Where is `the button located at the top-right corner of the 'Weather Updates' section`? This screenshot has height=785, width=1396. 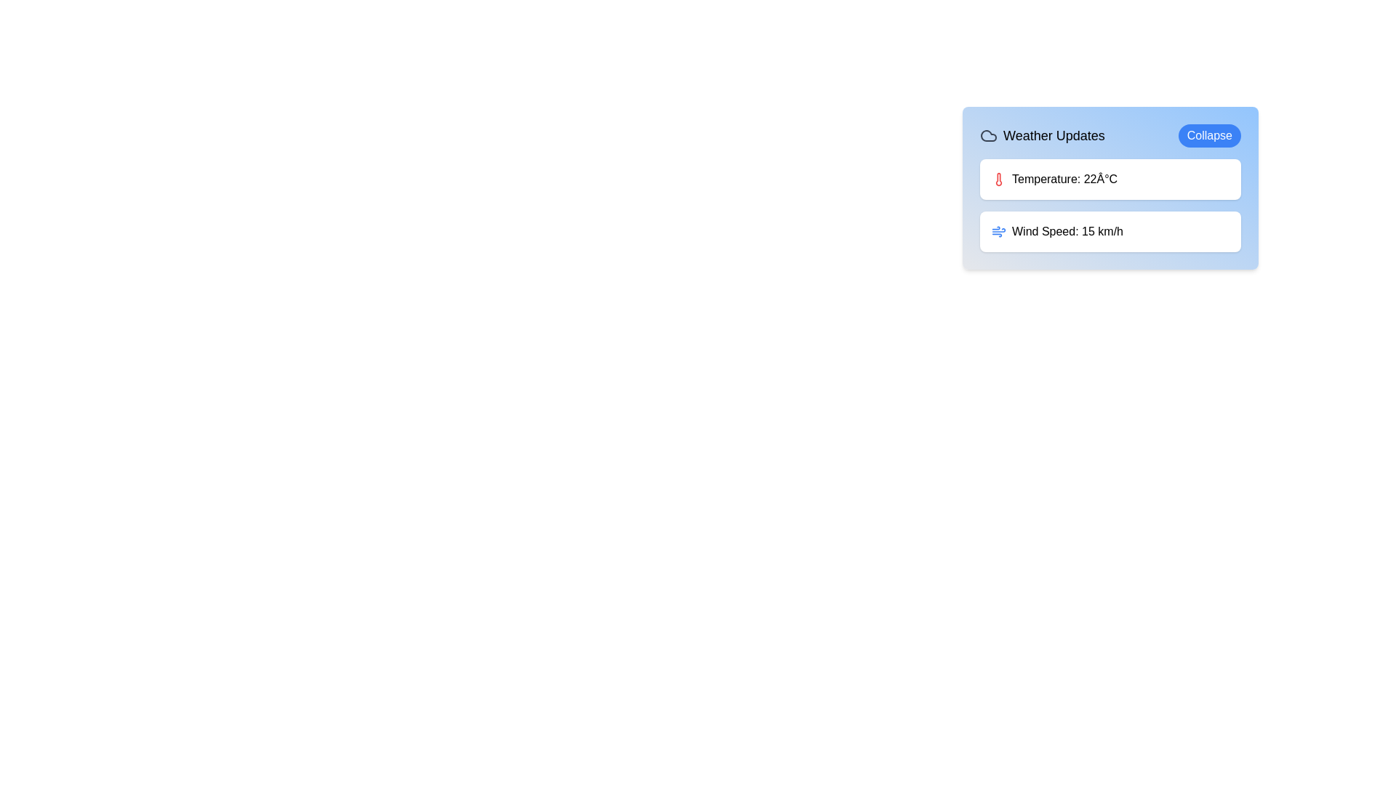 the button located at the top-right corner of the 'Weather Updates' section is located at coordinates (1209, 135).